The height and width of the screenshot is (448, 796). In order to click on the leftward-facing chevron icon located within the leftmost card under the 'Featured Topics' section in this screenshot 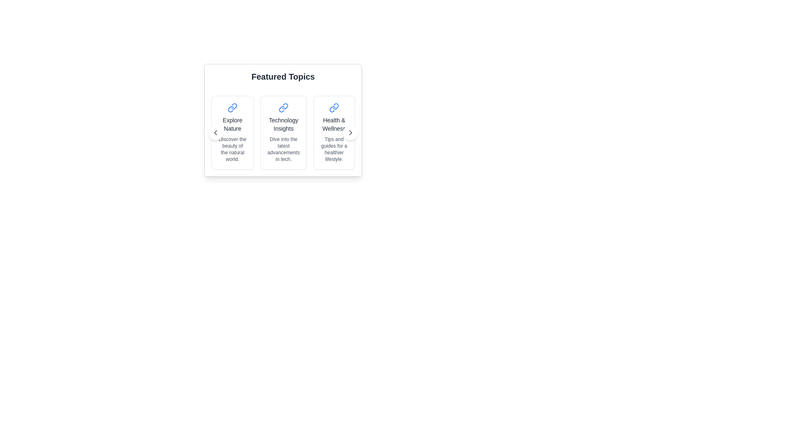, I will do `click(215, 132)`.